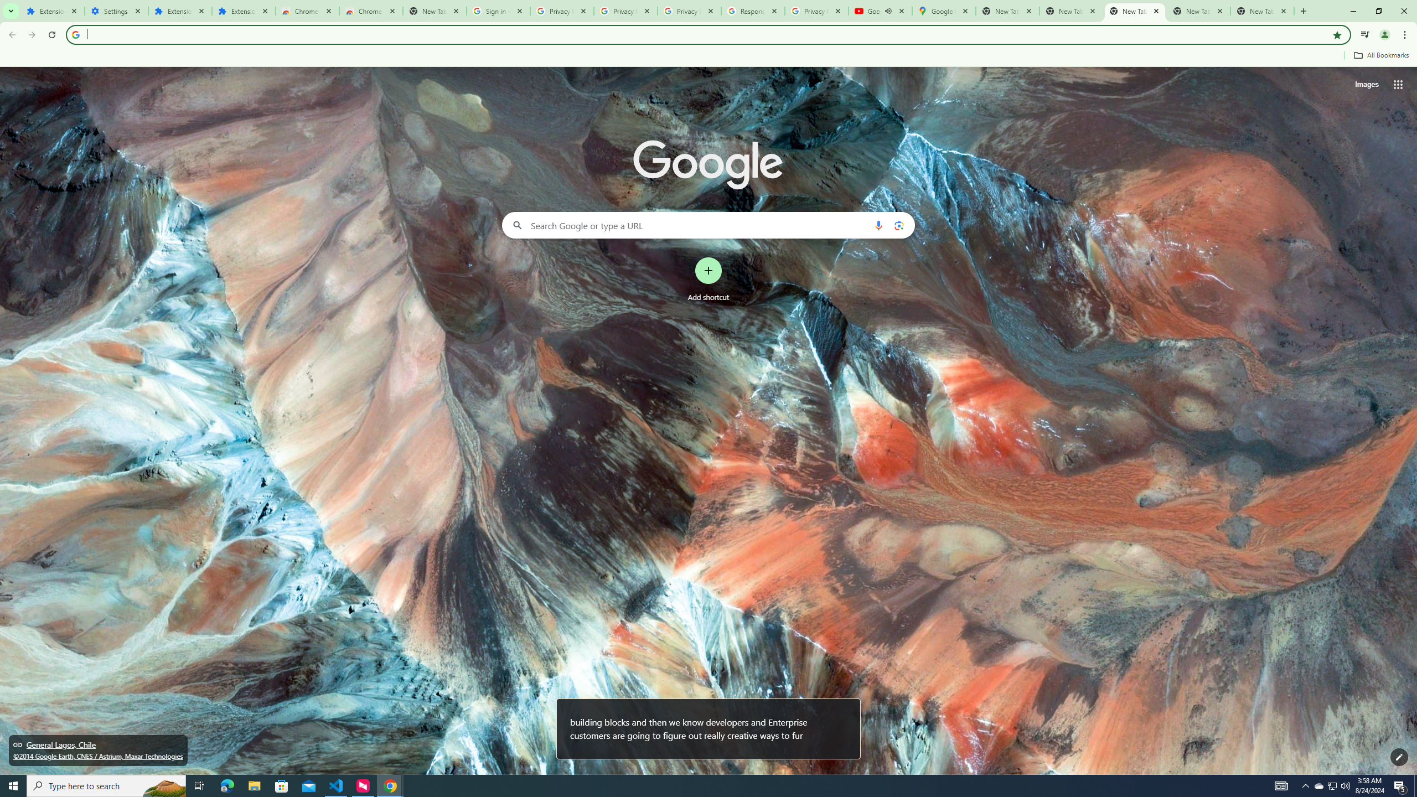 The height and width of the screenshot is (797, 1417). I want to click on 'Customize this page', so click(1399, 757).